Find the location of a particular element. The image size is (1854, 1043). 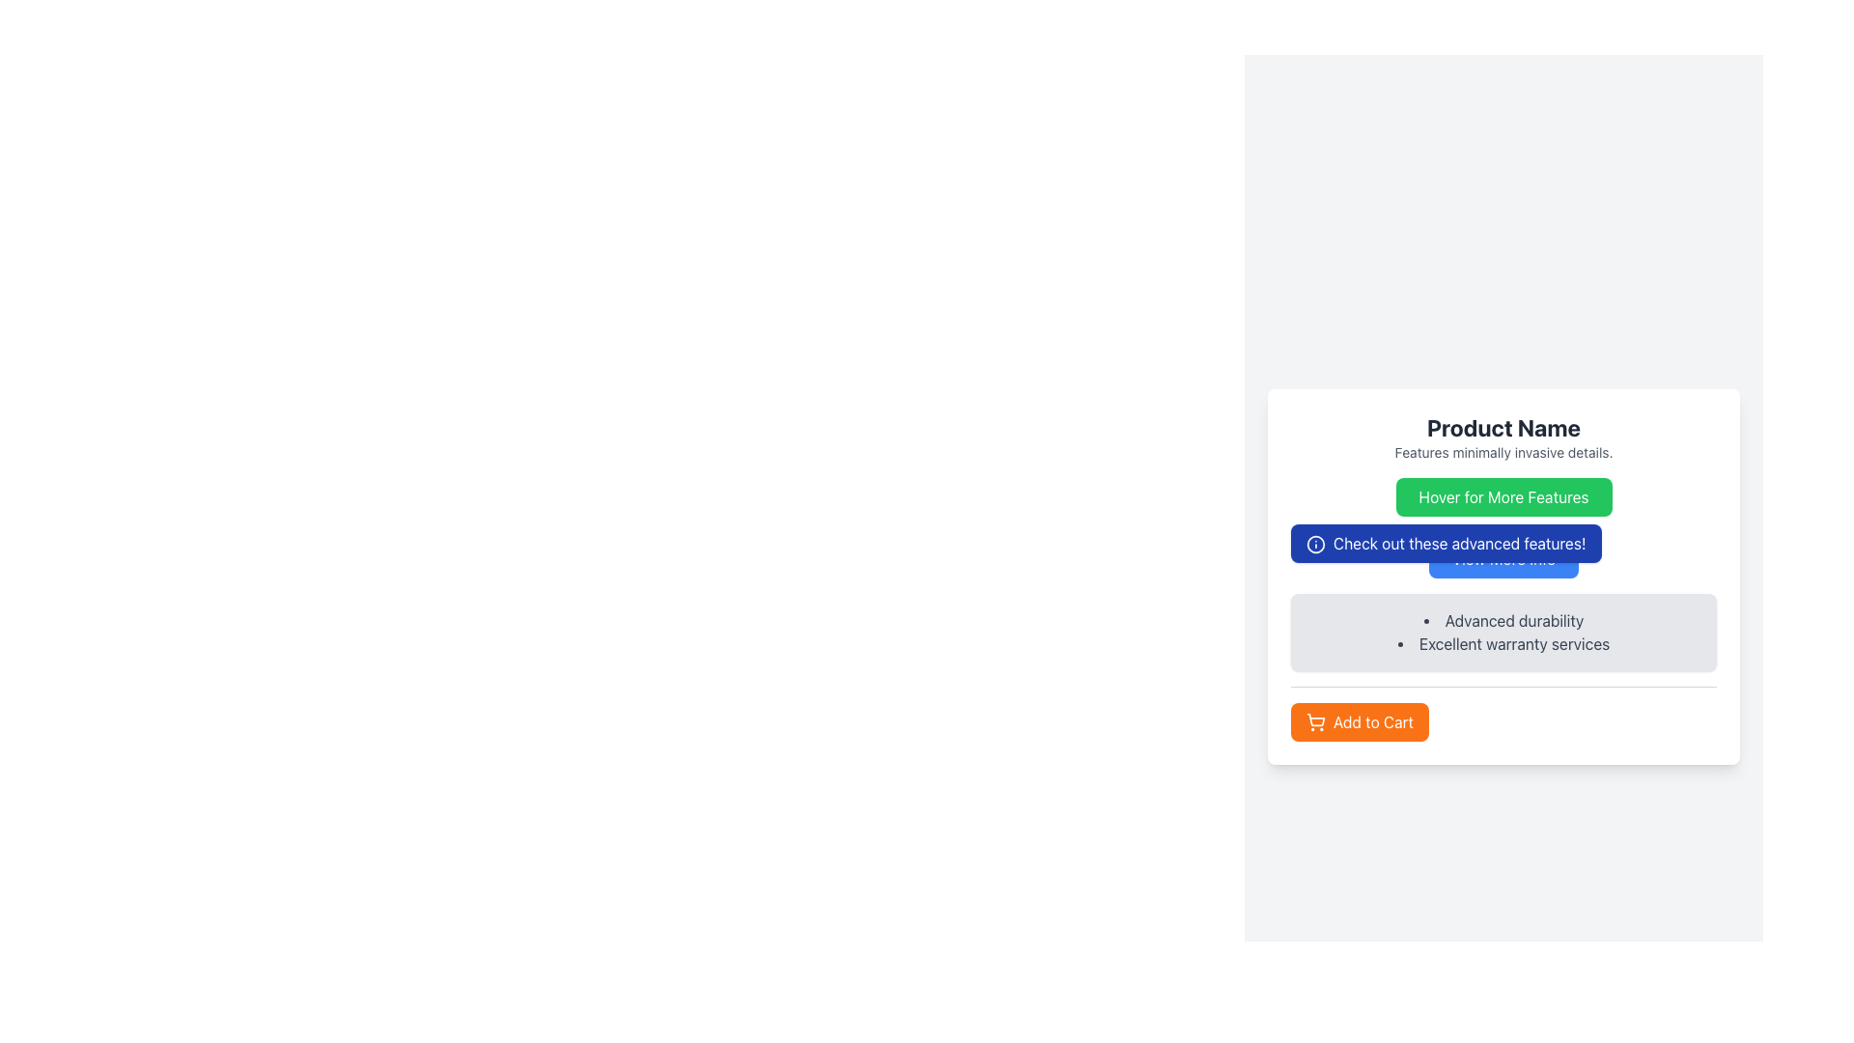

the interactive button located in the middle section of the card layout, above the blue button that reveals additional product features or details is located at coordinates (1503, 495).